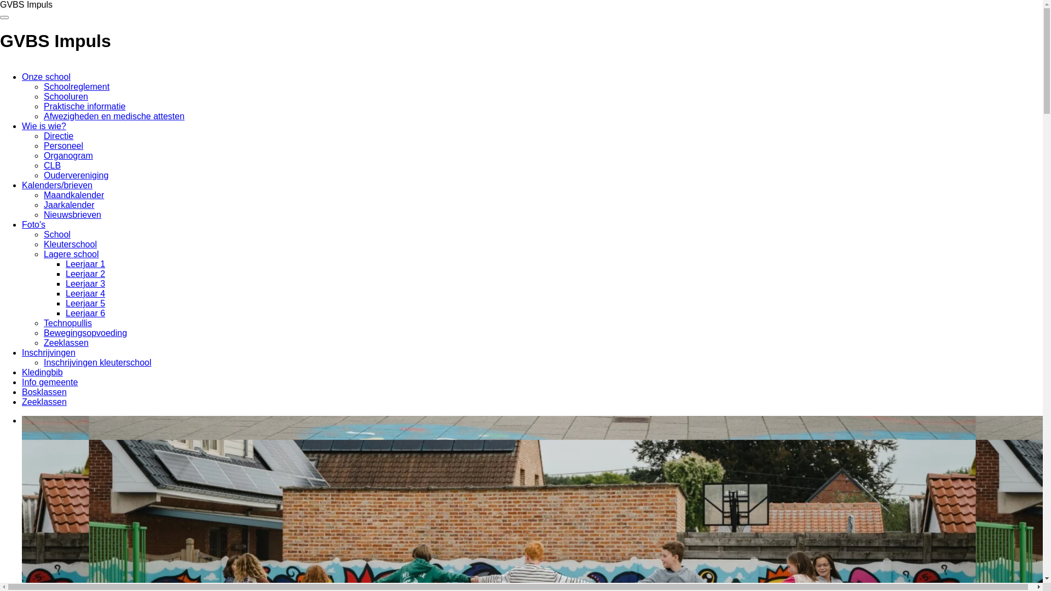 Image resolution: width=1051 pixels, height=591 pixels. Describe the element at coordinates (70, 244) in the screenshot. I see `'Kleuterschool'` at that location.